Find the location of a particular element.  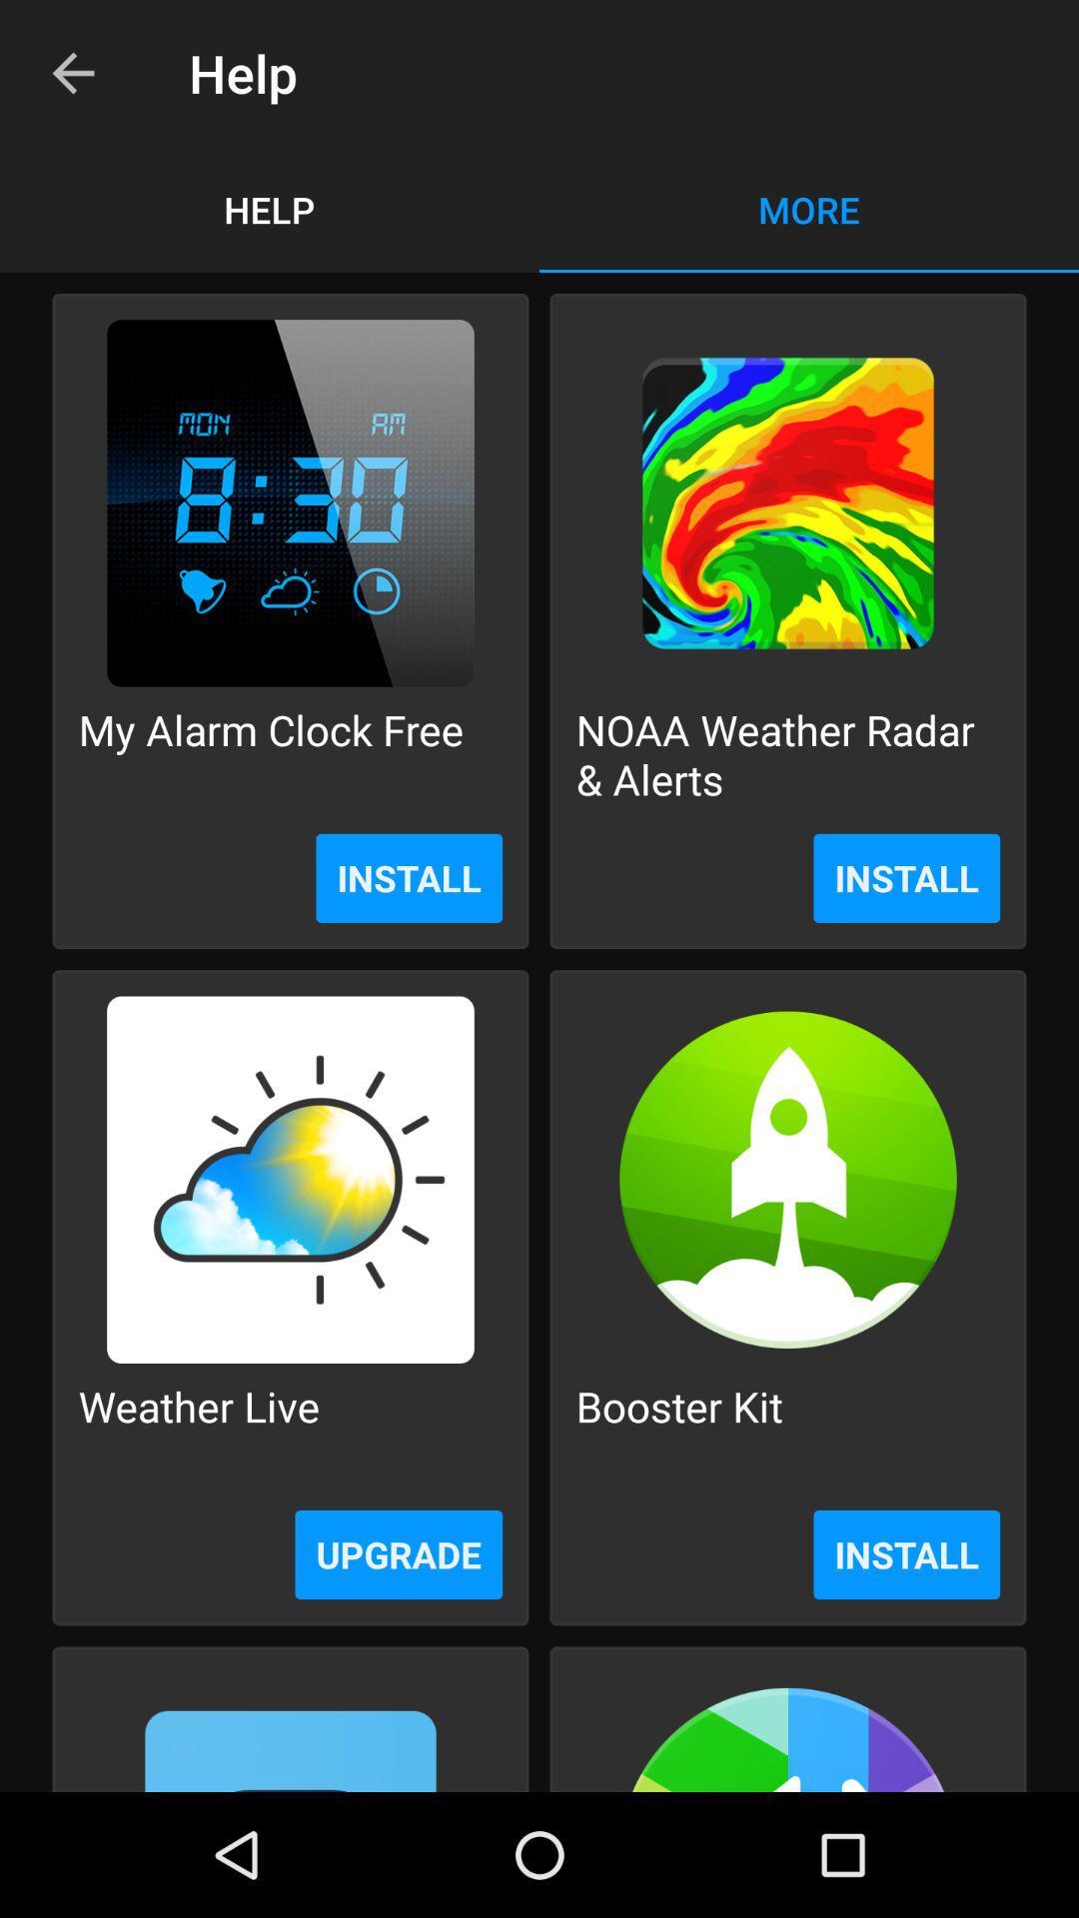

icon to the left of noaa weather radar icon is located at coordinates (271, 753).